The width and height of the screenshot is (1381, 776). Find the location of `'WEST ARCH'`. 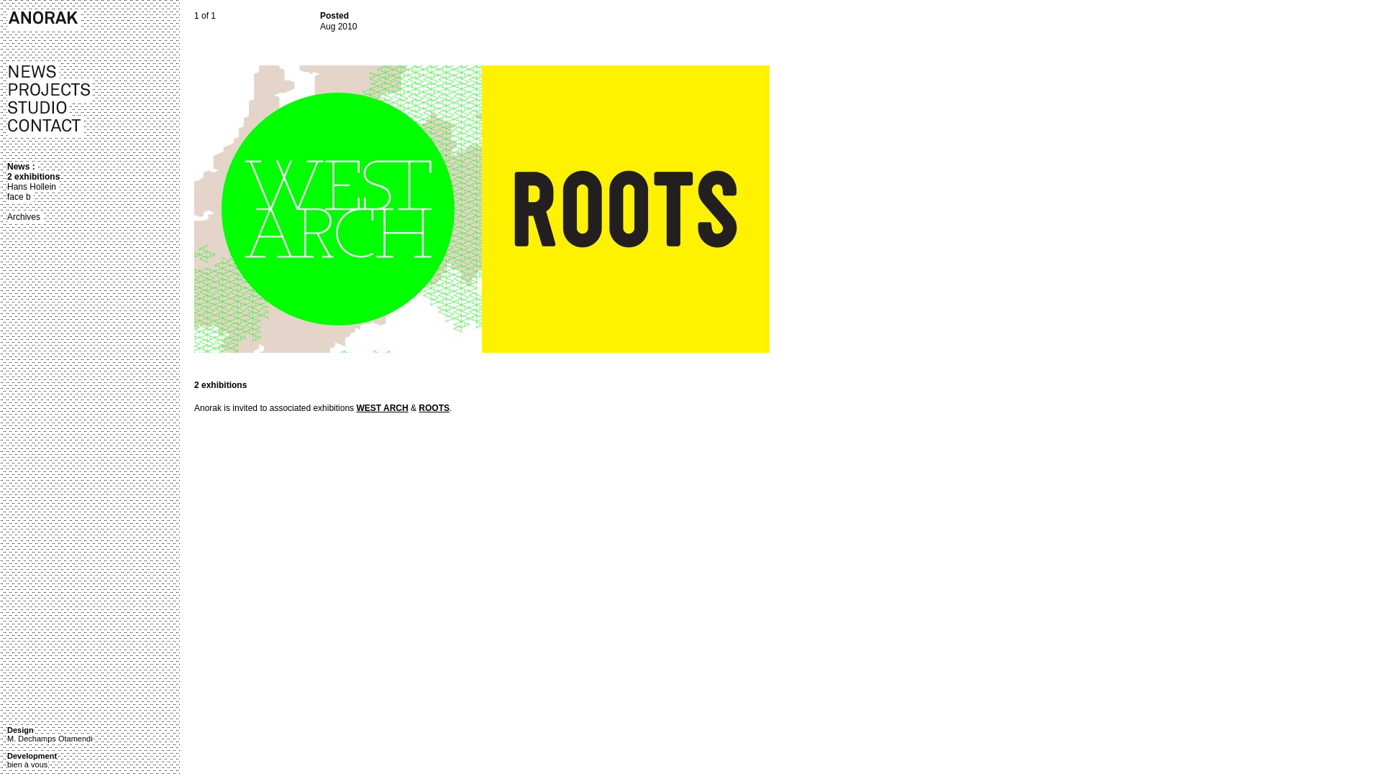

'WEST ARCH' is located at coordinates (382, 407).